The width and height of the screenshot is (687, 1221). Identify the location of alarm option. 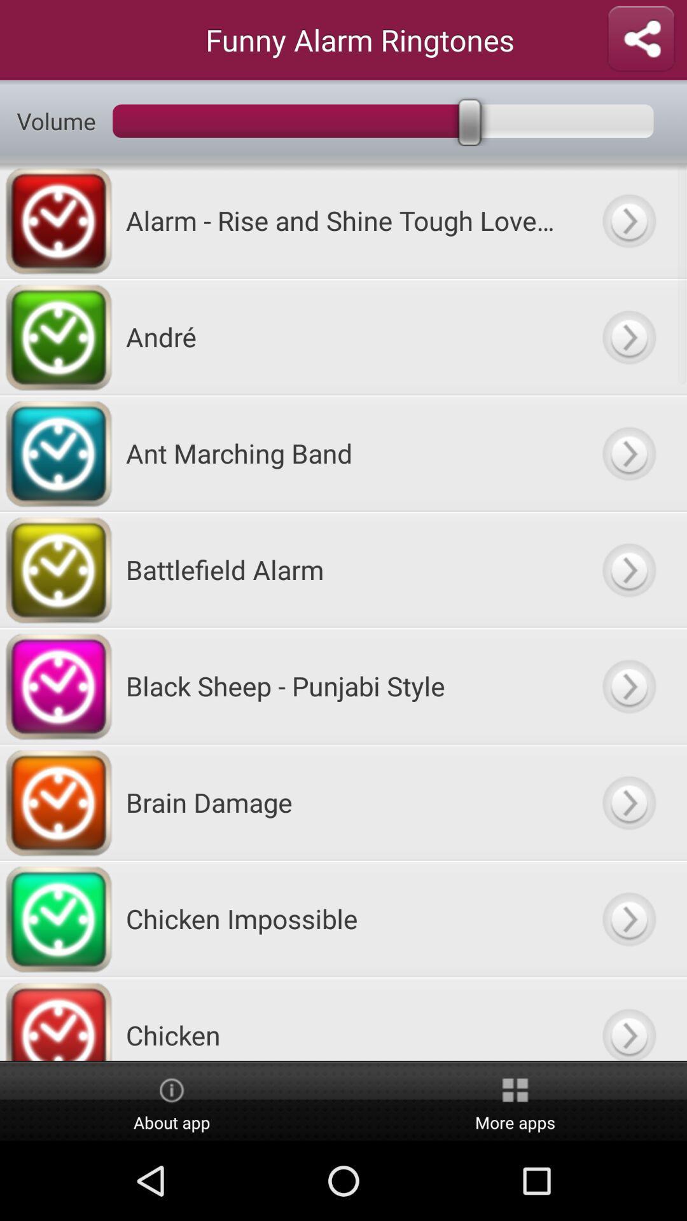
(628, 220).